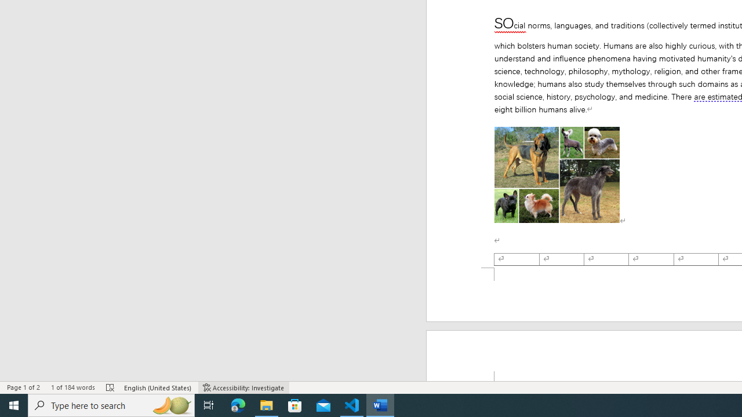 This screenshot has width=742, height=417. Describe the element at coordinates (556, 175) in the screenshot. I see `'Morphological variation in six dogs'` at that location.